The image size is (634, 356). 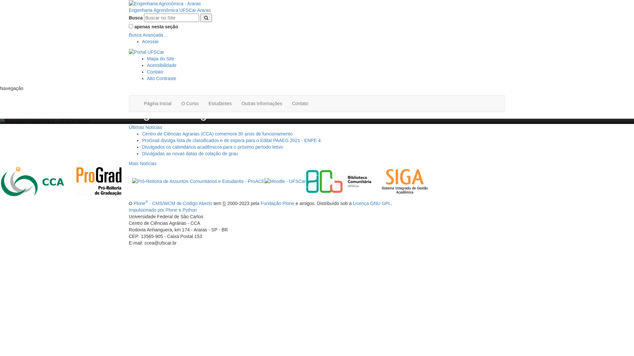 I want to click on 'Contato', so click(x=155, y=72).